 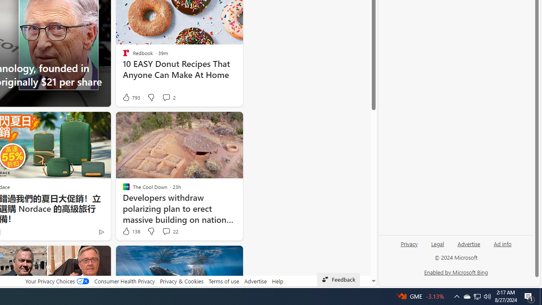 What do you see at coordinates (166, 97) in the screenshot?
I see `'View comments 2 Comment'` at bounding box center [166, 97].